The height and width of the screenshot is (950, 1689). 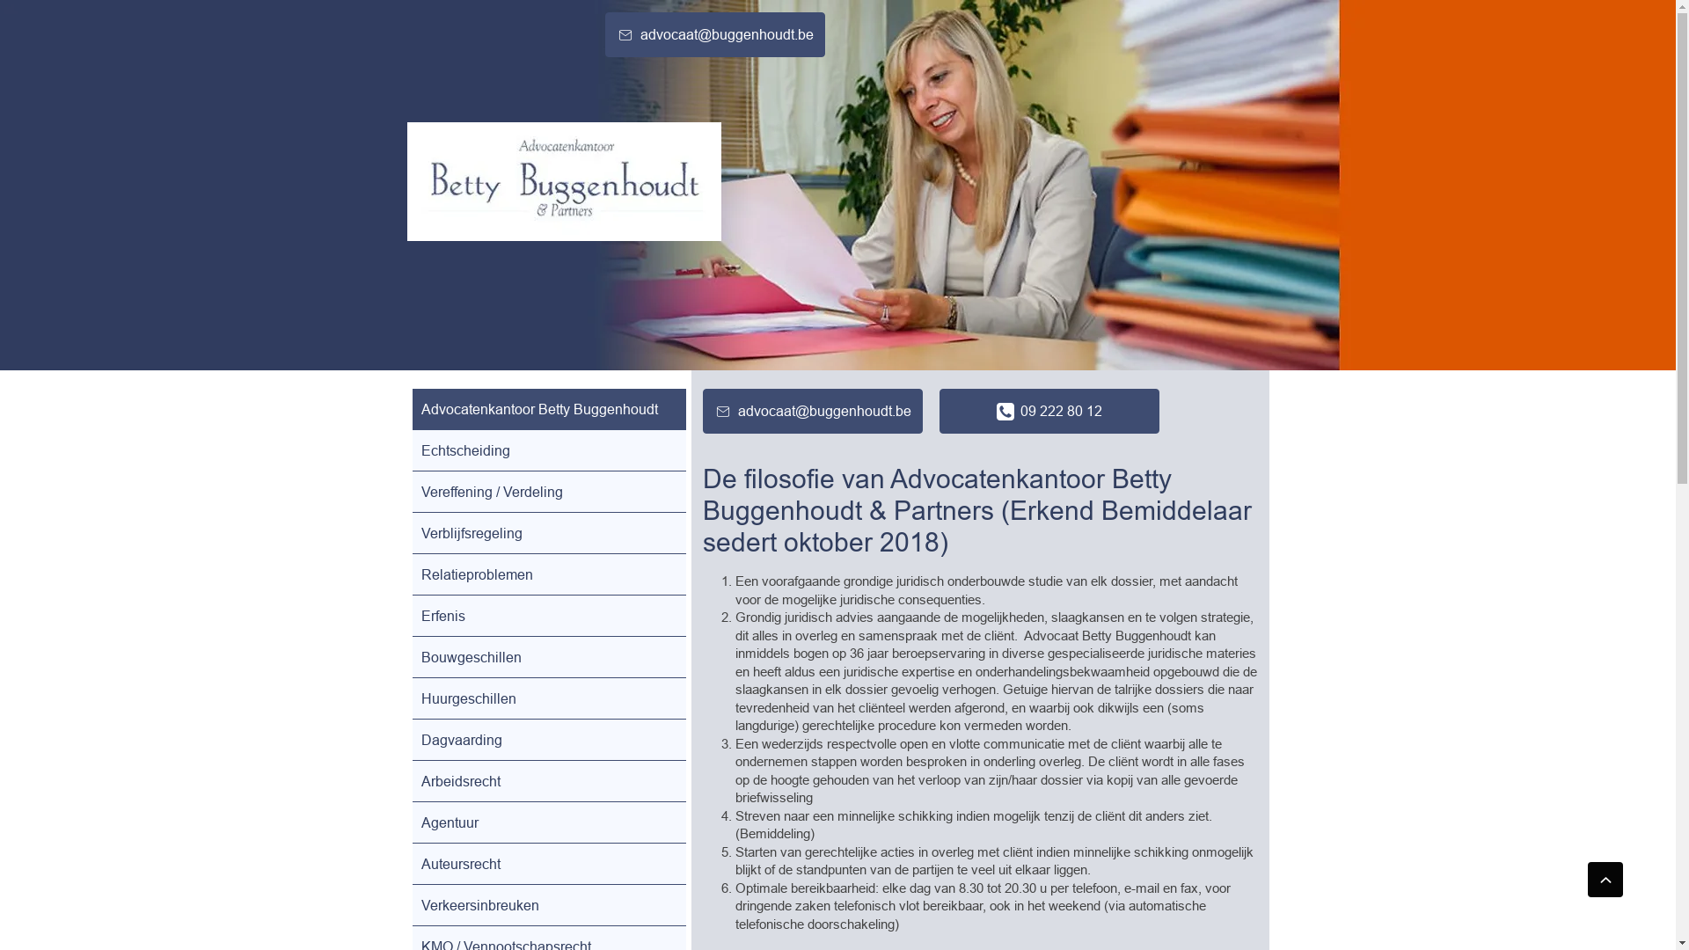 What do you see at coordinates (547, 822) in the screenshot?
I see `'Agentuur'` at bounding box center [547, 822].